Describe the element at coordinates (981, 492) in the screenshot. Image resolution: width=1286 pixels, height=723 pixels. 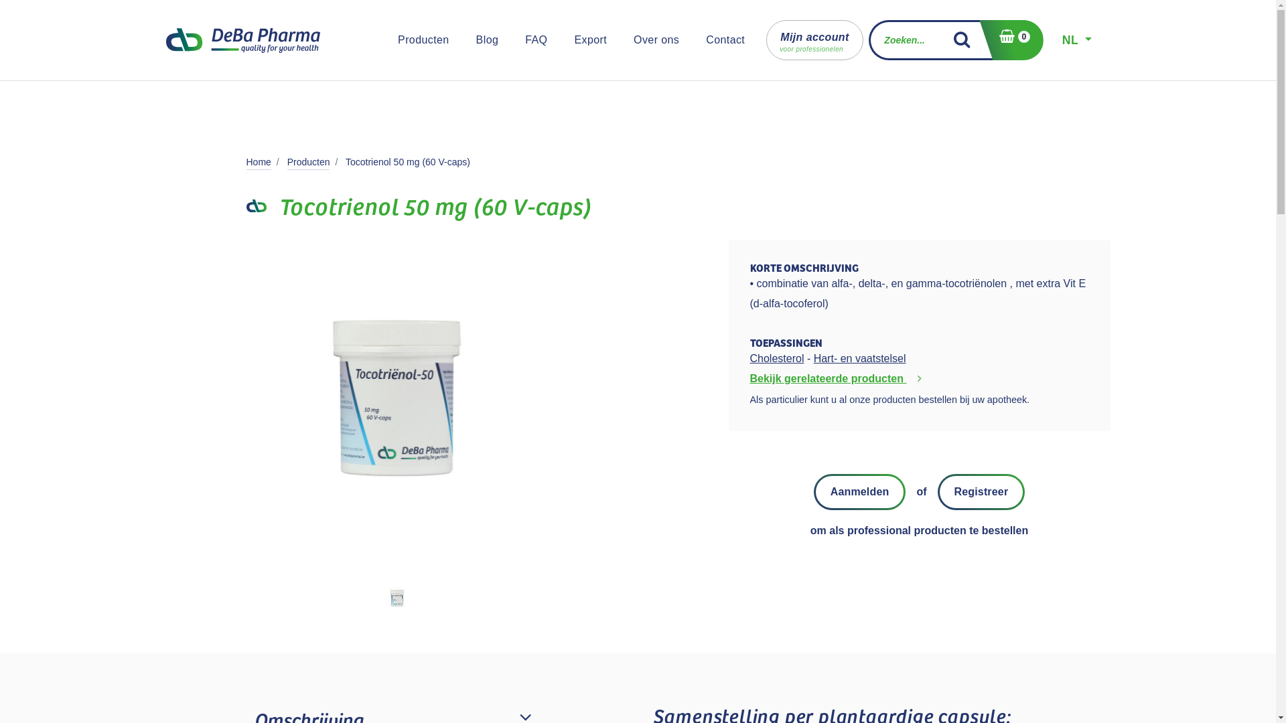
I see `'Registreer'` at that location.